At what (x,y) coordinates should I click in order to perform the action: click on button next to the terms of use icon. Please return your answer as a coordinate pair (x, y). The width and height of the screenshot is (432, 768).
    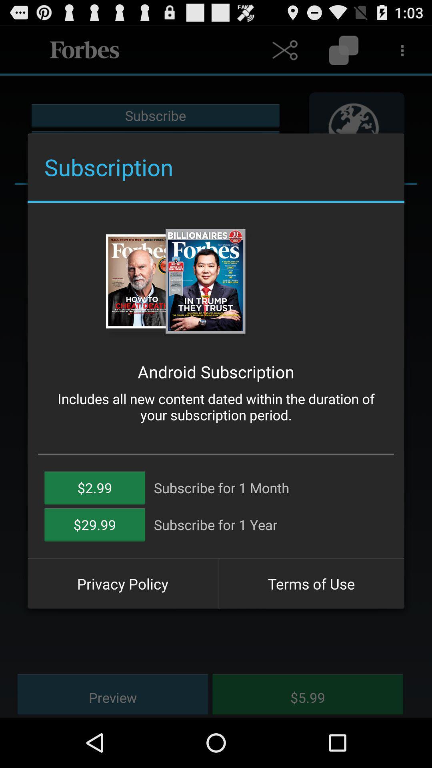
    Looking at the image, I should click on (122, 584).